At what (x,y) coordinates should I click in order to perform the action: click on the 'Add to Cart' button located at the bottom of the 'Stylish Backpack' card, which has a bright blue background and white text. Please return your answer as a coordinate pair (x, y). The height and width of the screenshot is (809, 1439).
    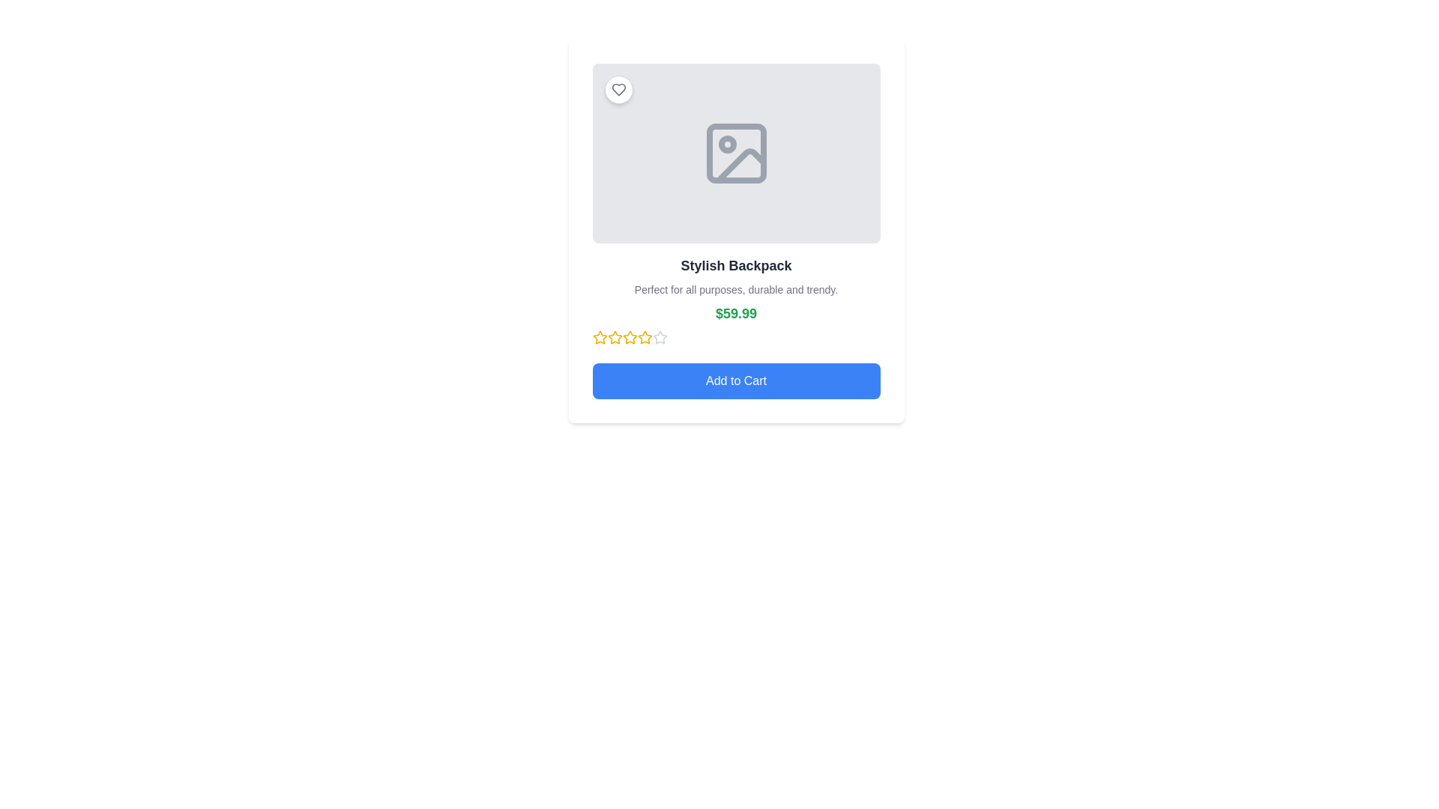
    Looking at the image, I should click on (736, 381).